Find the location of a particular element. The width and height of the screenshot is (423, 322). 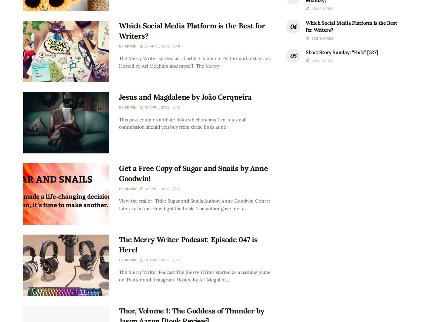

'Short Story Sunday: “Fork” [327]' is located at coordinates (342, 52).